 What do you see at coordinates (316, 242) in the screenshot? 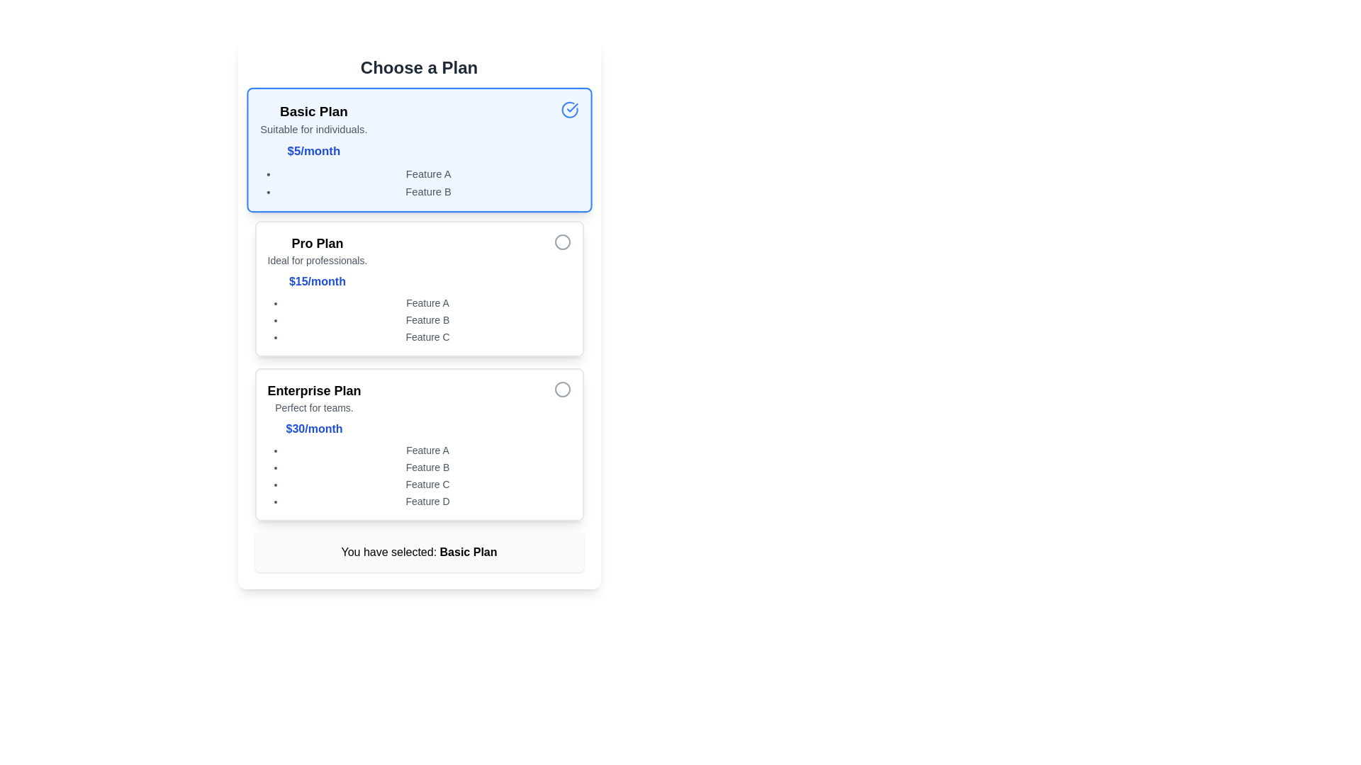
I see `the bold, large text reading 'Pro Plan' located at the top of the second card in a vertical list of plan options` at bounding box center [316, 242].